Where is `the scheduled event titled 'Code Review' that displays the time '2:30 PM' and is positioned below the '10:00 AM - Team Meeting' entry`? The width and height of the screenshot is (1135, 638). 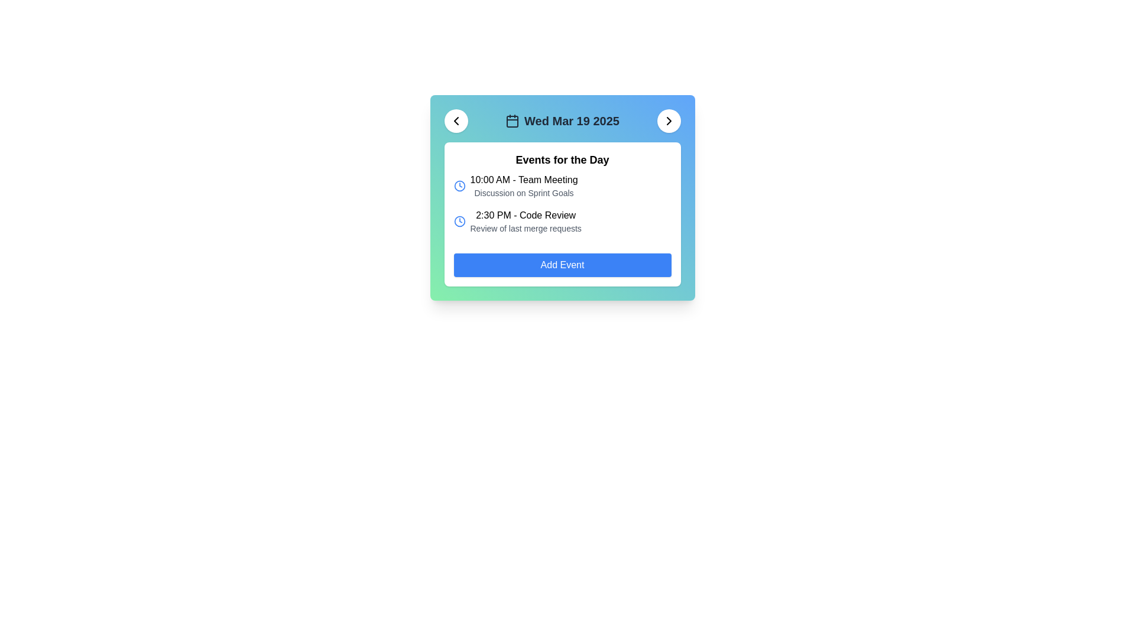
the scheduled event titled 'Code Review' that displays the time '2:30 PM' and is positioned below the '10:00 AM - Team Meeting' entry is located at coordinates (525, 221).